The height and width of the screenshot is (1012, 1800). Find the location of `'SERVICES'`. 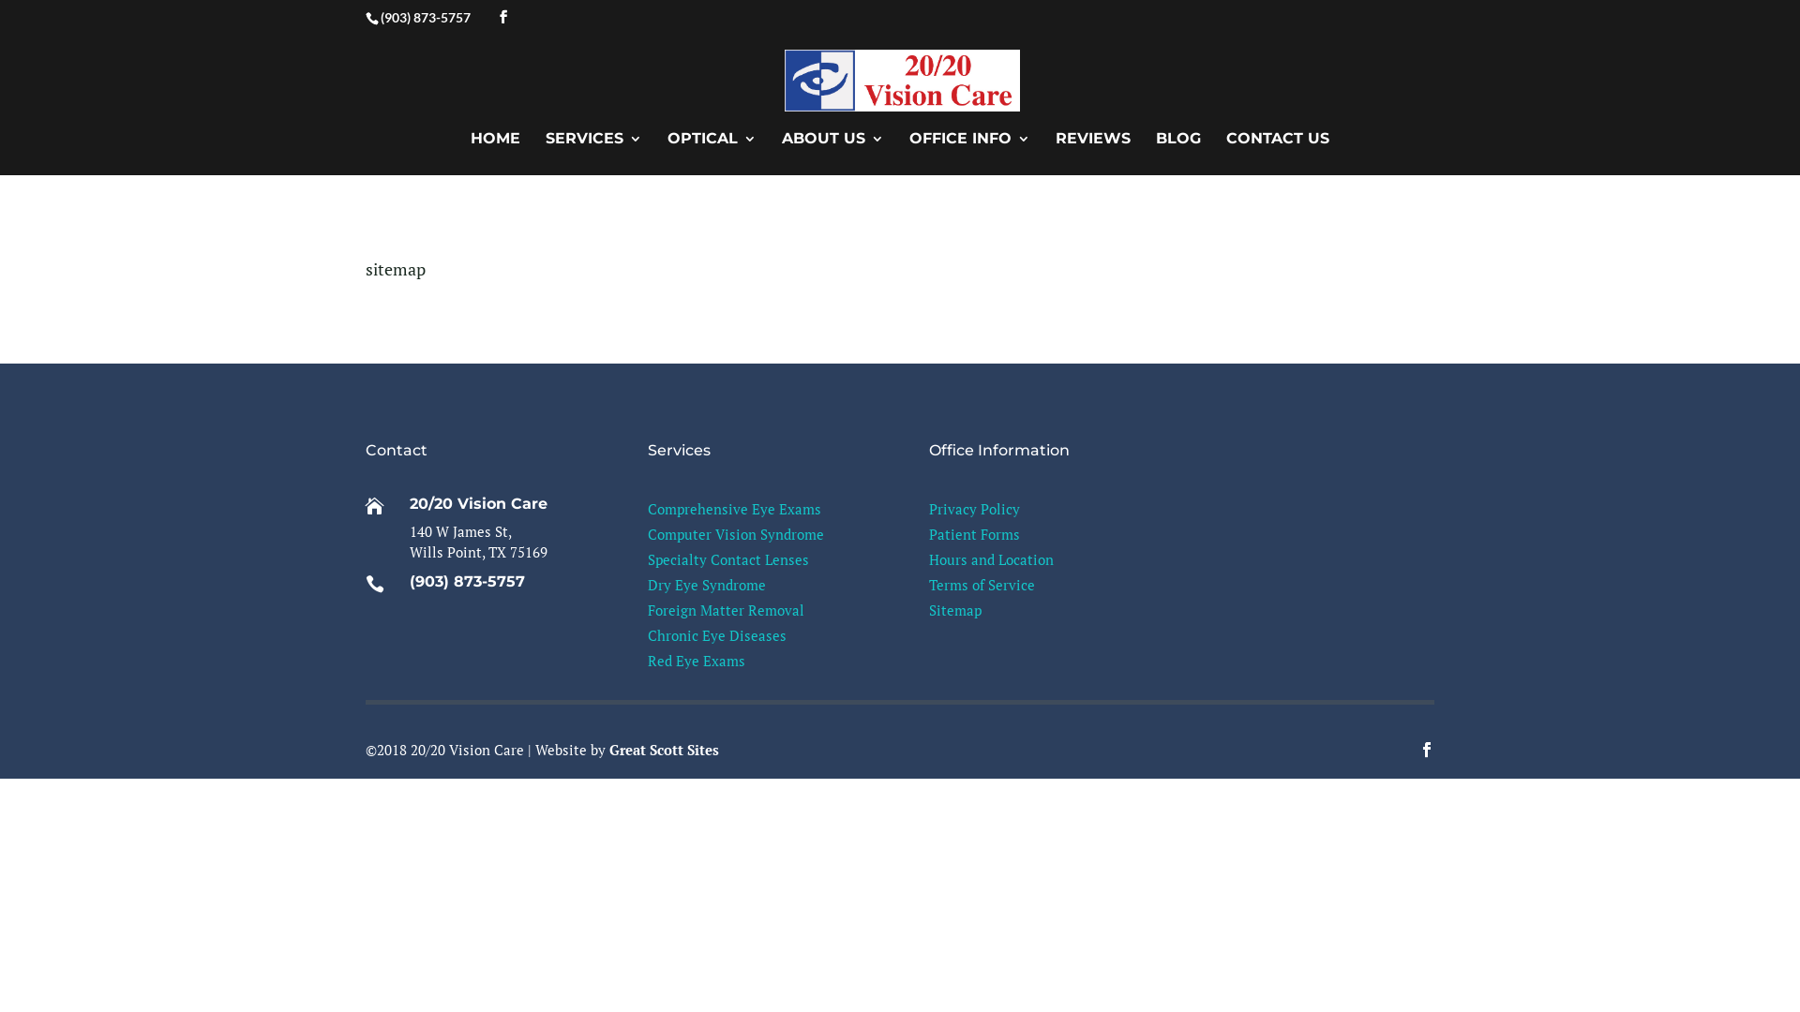

'SERVICES' is located at coordinates (592, 153).